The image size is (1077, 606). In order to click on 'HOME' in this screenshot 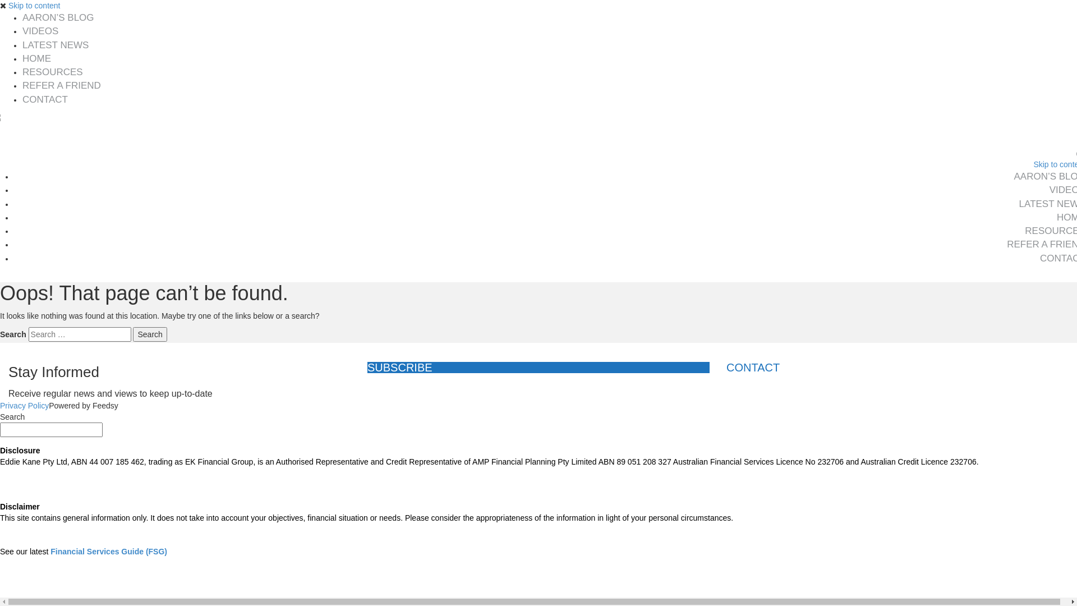, I will do `click(22, 58)`.